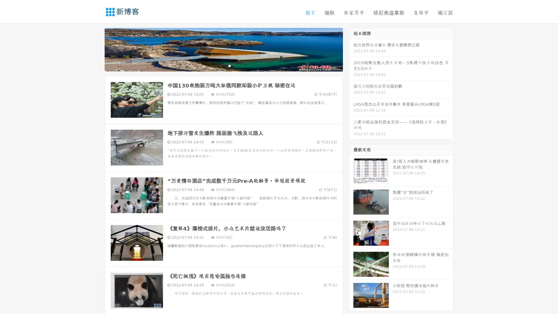  What do you see at coordinates (96, 49) in the screenshot?
I see `Previous slide` at bounding box center [96, 49].